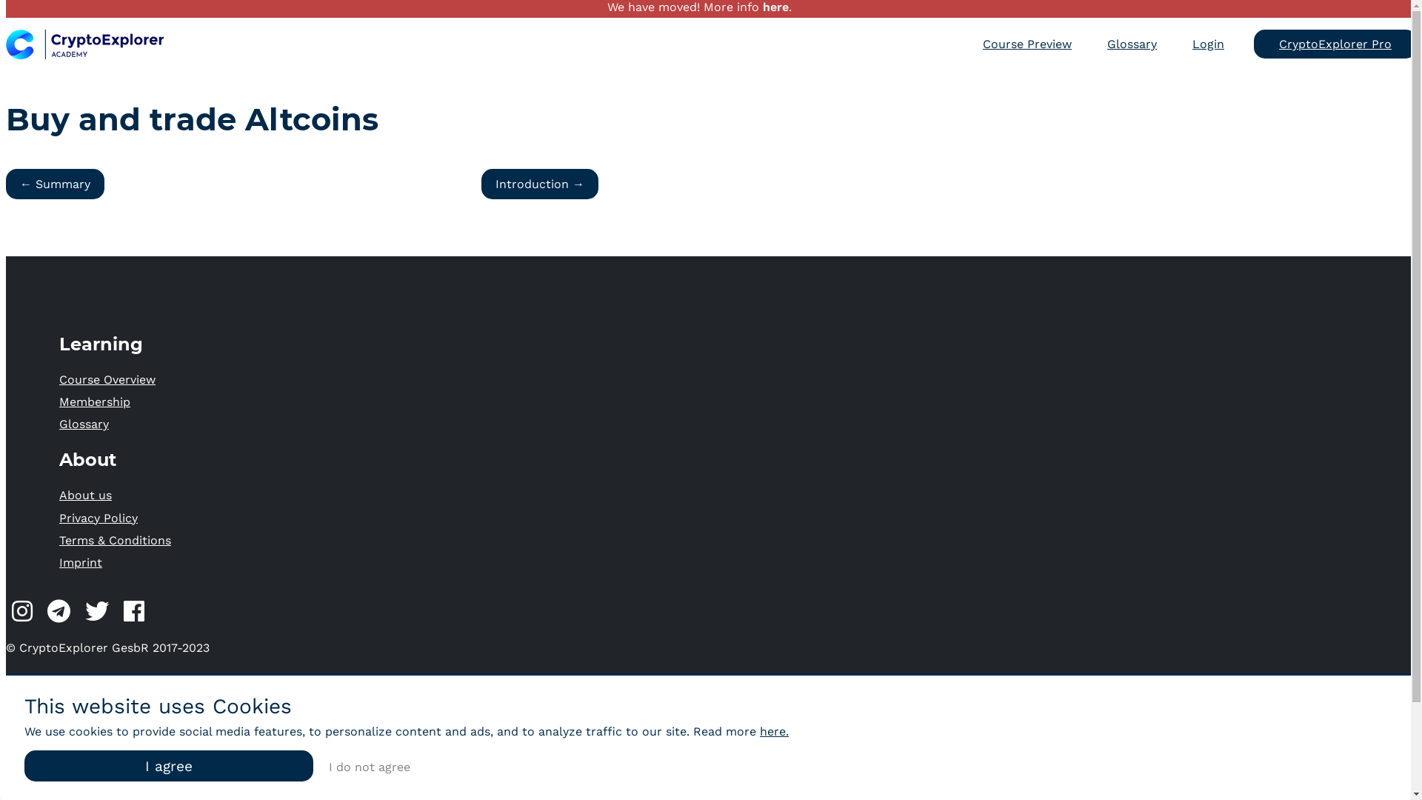  What do you see at coordinates (59, 540) in the screenshot?
I see `'Terms & Conditions'` at bounding box center [59, 540].